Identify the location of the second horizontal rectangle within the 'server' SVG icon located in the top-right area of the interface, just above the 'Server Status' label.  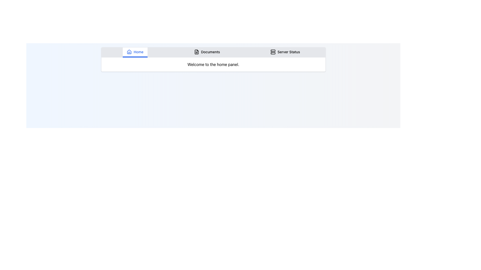
(273, 53).